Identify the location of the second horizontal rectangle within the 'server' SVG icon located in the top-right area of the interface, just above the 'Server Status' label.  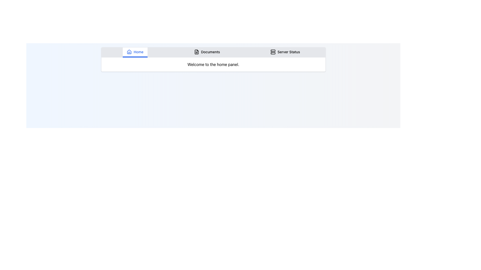
(273, 53).